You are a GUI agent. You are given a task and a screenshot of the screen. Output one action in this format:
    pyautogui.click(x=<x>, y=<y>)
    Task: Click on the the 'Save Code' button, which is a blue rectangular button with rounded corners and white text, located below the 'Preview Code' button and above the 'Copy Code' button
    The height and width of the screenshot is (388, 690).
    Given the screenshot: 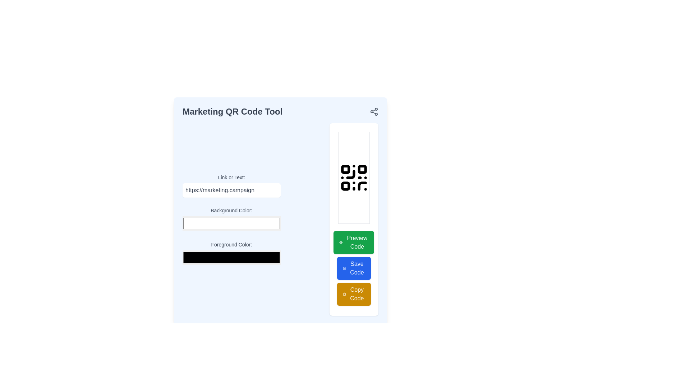 What is the action you would take?
    pyautogui.click(x=354, y=268)
    